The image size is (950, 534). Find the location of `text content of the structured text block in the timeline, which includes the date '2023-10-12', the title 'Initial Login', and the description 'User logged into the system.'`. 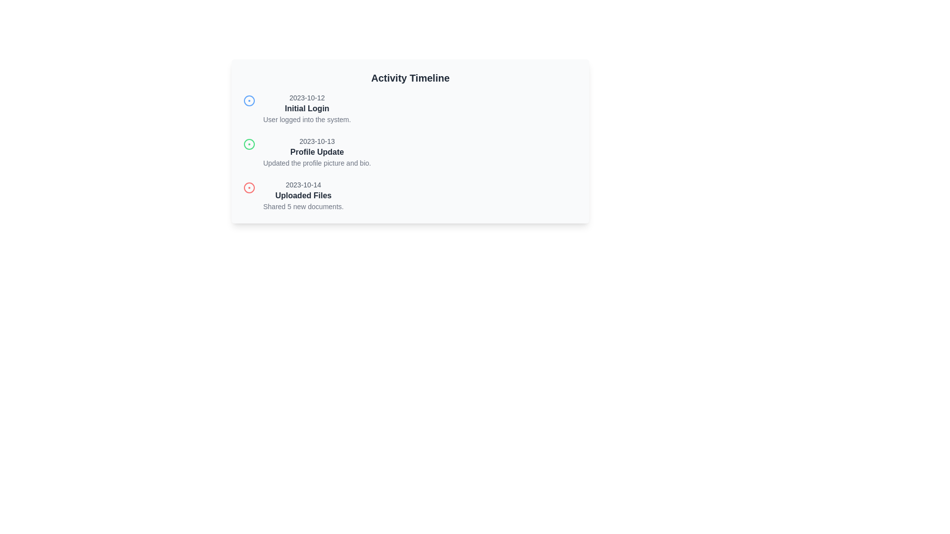

text content of the structured text block in the timeline, which includes the date '2023-10-12', the title 'Initial Login', and the description 'User logged into the system.' is located at coordinates (306, 108).